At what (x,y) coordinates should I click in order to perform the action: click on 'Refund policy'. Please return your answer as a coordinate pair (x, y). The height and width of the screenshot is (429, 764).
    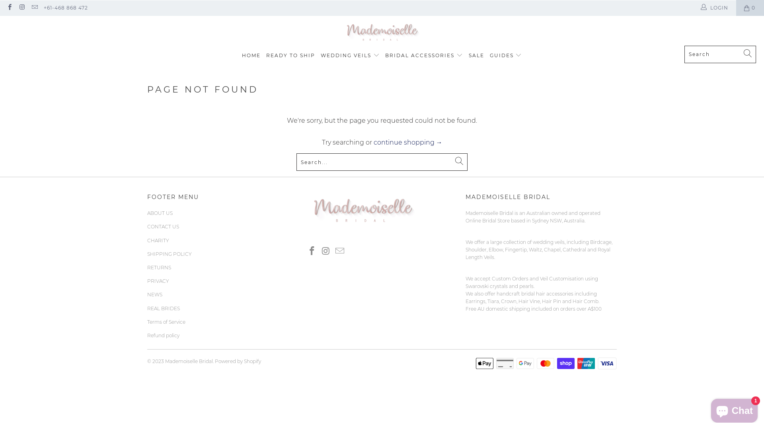
    Looking at the image, I should click on (163, 335).